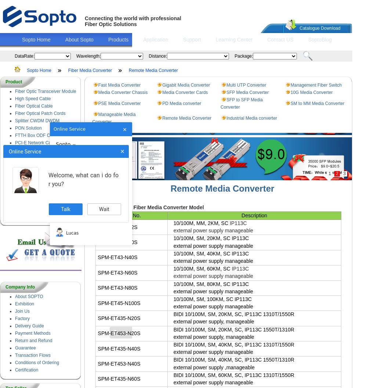 Image resolution: width=367 pixels, height=388 pixels. I want to click on 'Lucinda', so click(66, 155).